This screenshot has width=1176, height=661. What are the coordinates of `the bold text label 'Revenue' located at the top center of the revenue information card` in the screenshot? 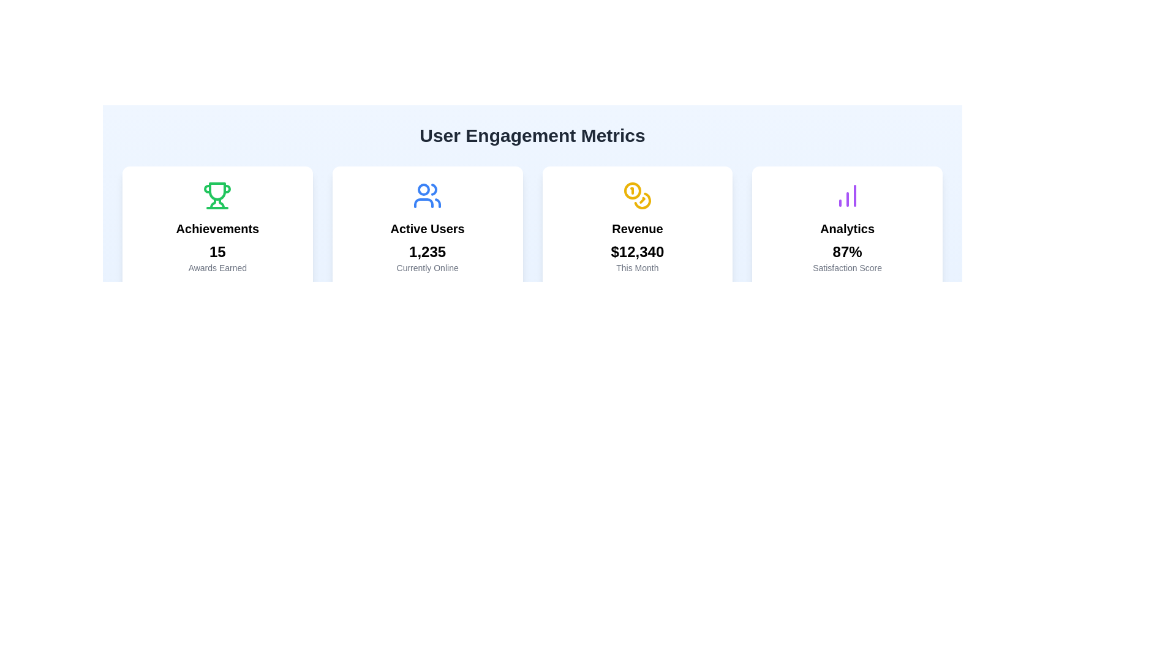 It's located at (637, 229).